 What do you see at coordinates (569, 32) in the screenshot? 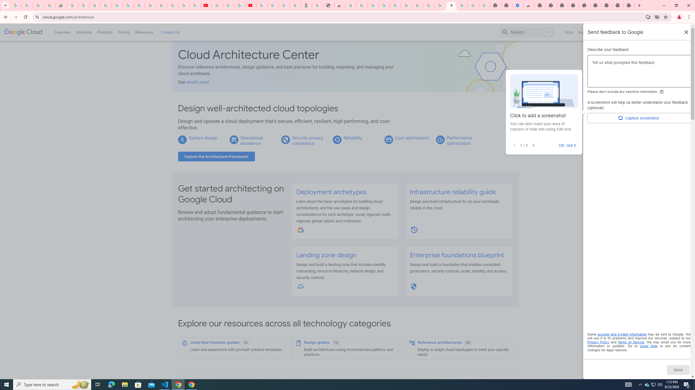
I see `'Docs'` at bounding box center [569, 32].